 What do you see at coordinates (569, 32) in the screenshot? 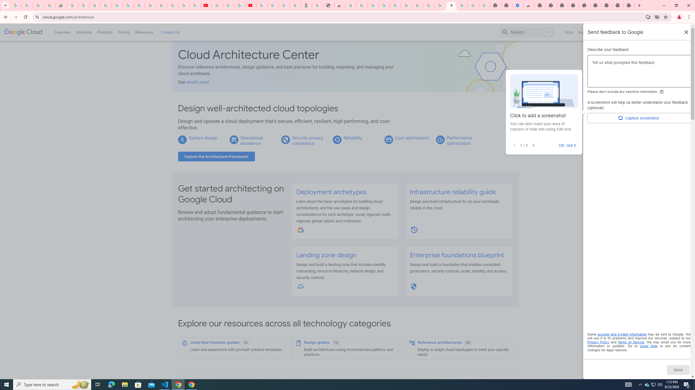
I see `'Docs'` at bounding box center [569, 32].